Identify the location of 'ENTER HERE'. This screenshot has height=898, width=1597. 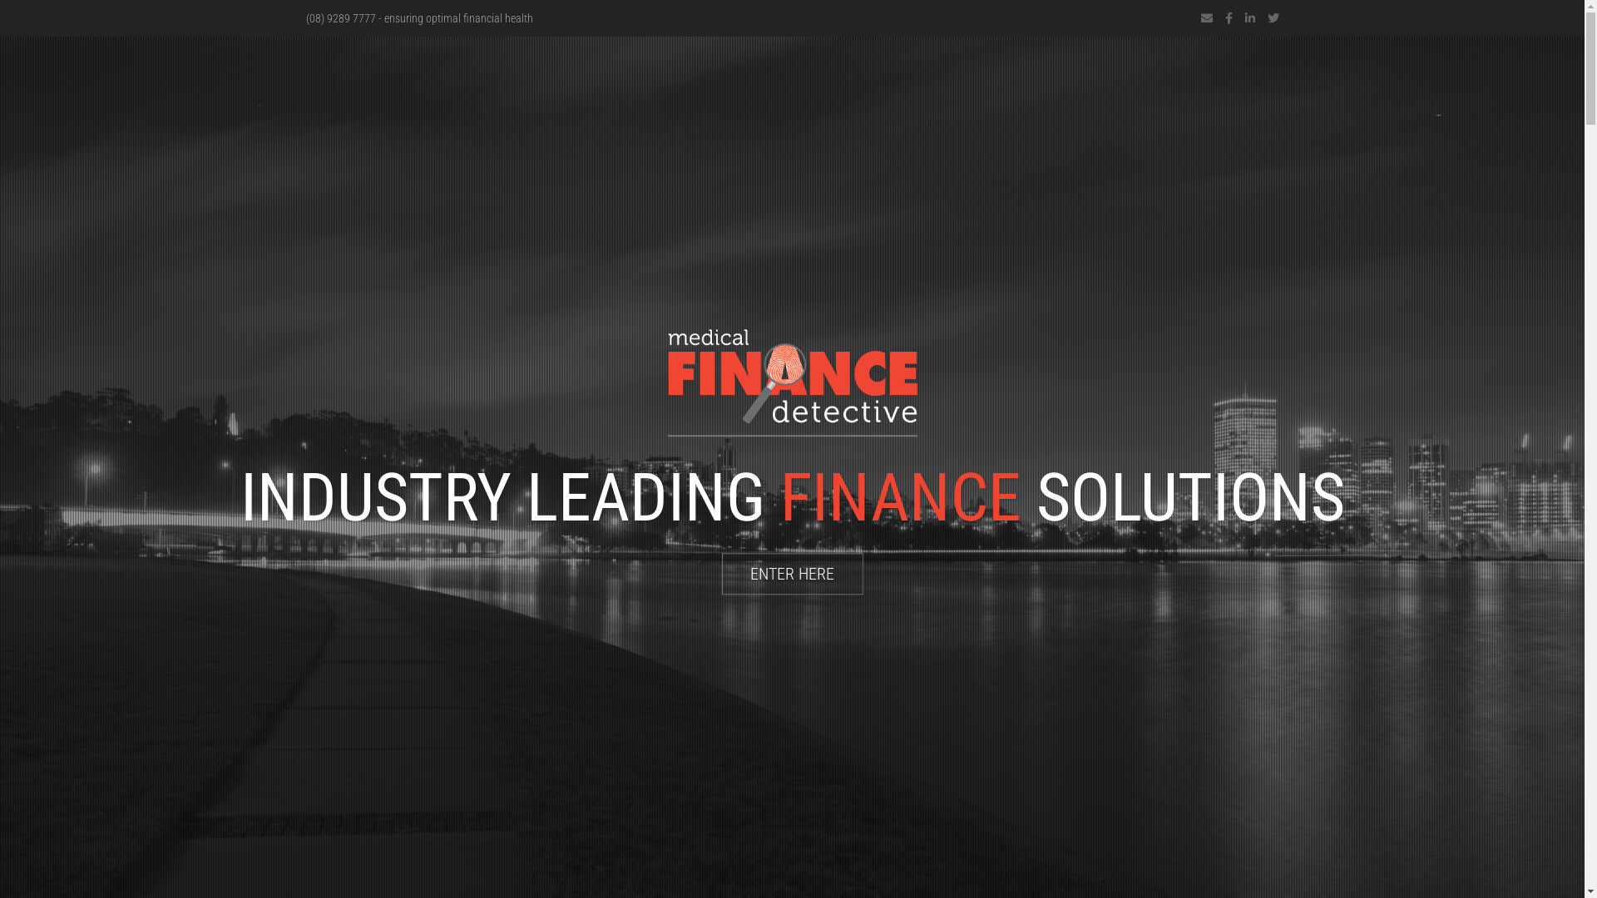
(722, 573).